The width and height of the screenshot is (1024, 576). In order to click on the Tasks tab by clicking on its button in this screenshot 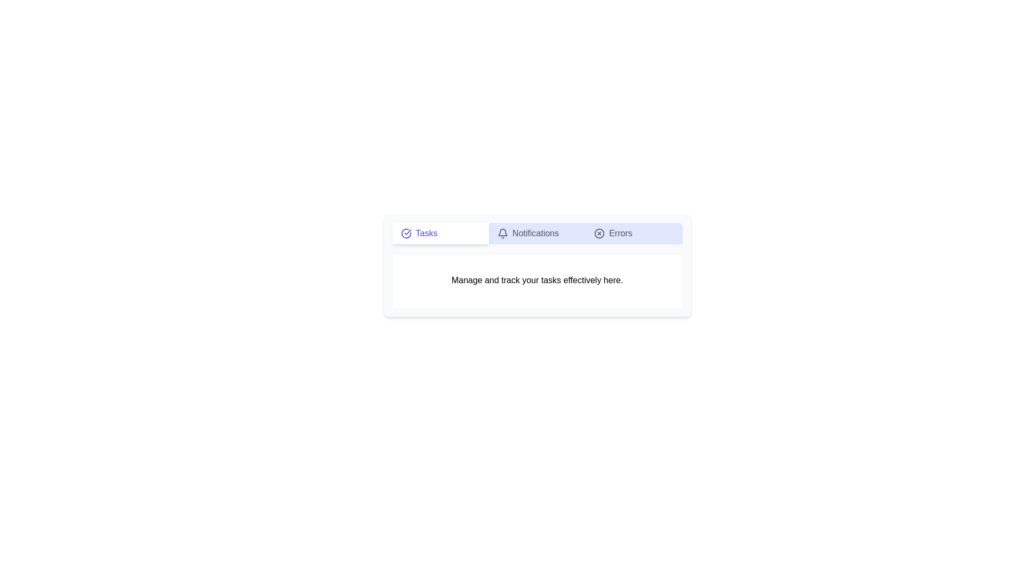, I will do `click(440, 233)`.